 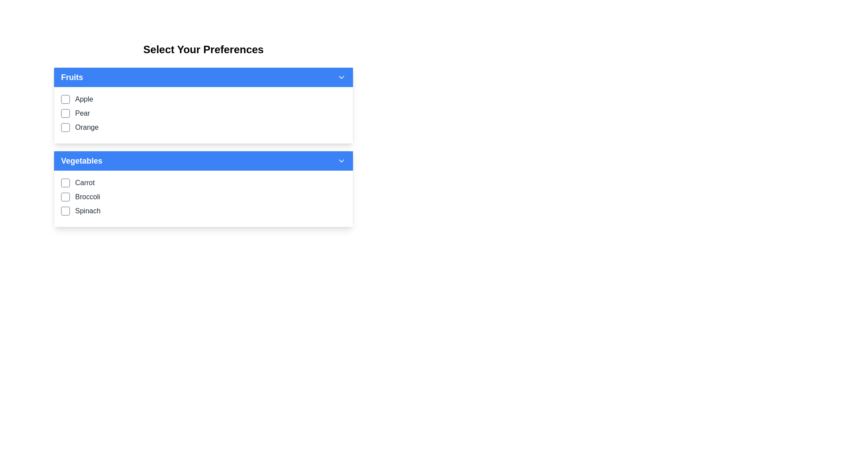 I want to click on the checkbox labeled 'Pear', so click(x=203, y=113).